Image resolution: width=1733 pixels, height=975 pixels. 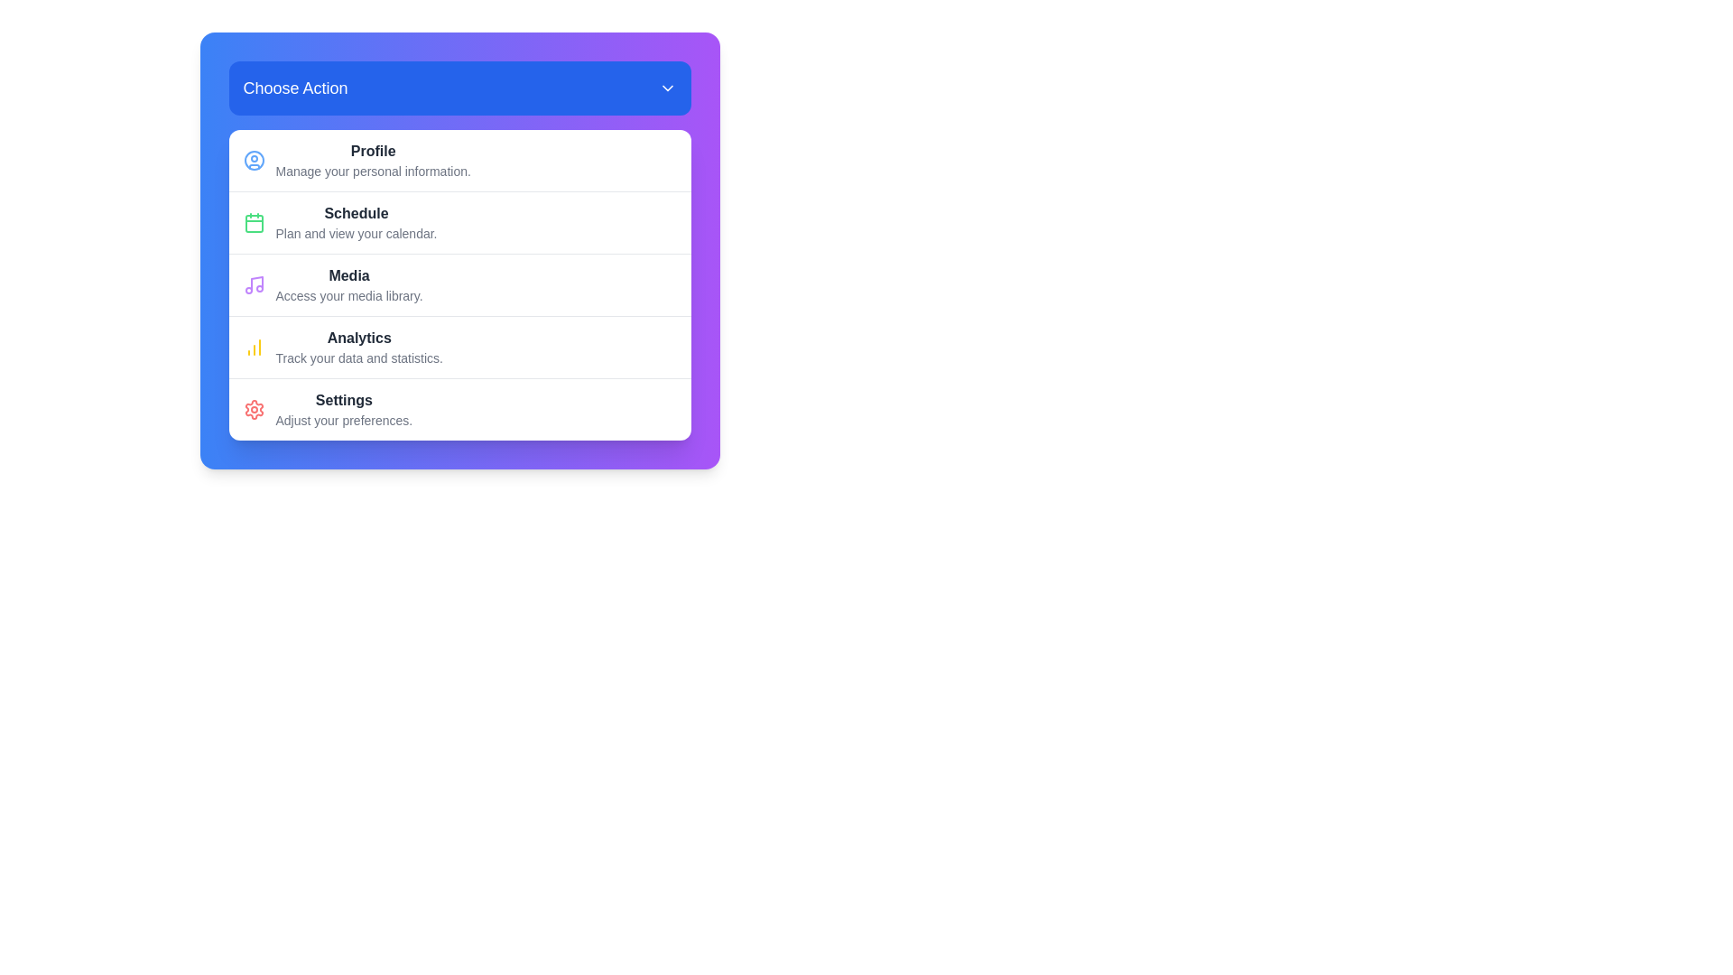 I want to click on the 'Settings' list item, which features a red gear icon and contains the text 'Settings' and 'Adjust your preferences.', so click(x=459, y=409).